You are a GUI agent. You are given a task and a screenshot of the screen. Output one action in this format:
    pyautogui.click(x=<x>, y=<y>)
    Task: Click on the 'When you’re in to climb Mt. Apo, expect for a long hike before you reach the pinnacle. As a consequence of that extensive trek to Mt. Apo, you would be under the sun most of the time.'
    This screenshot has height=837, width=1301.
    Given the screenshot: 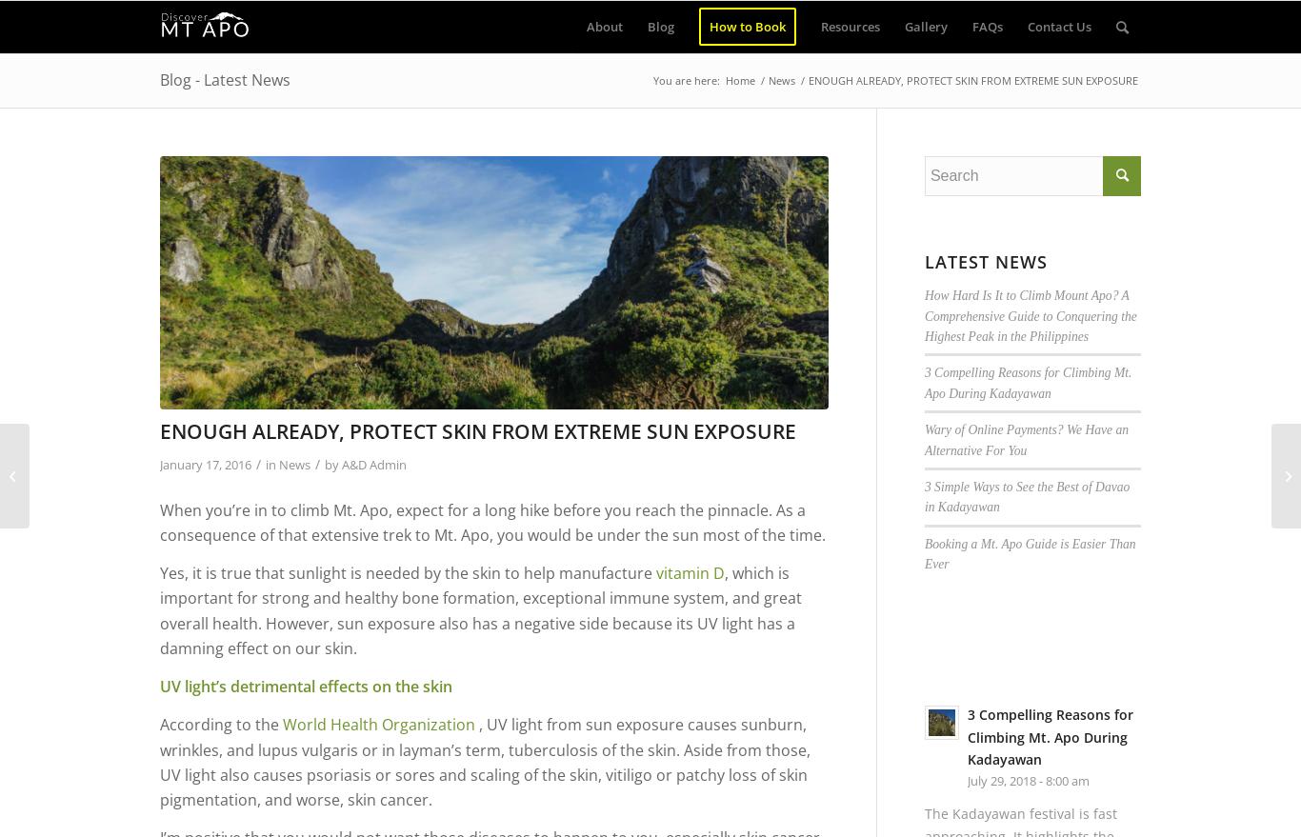 What is the action you would take?
    pyautogui.click(x=492, y=522)
    